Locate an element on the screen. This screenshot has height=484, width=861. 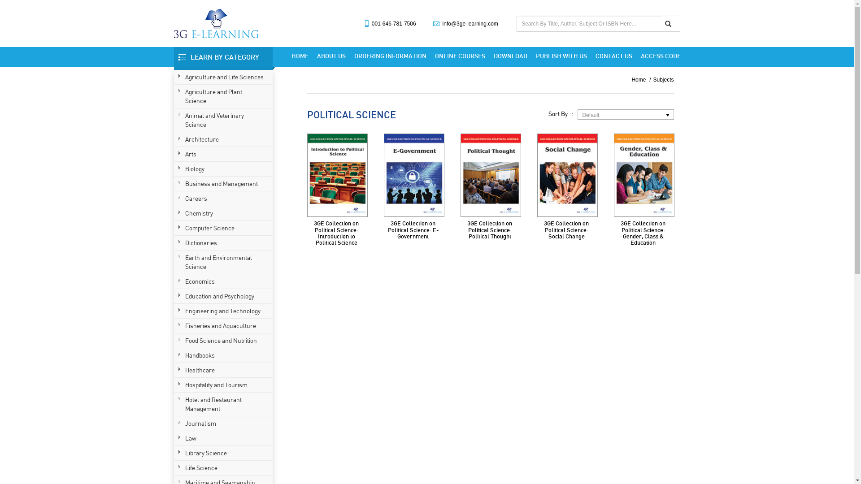
'Home' is located at coordinates (640, 79).